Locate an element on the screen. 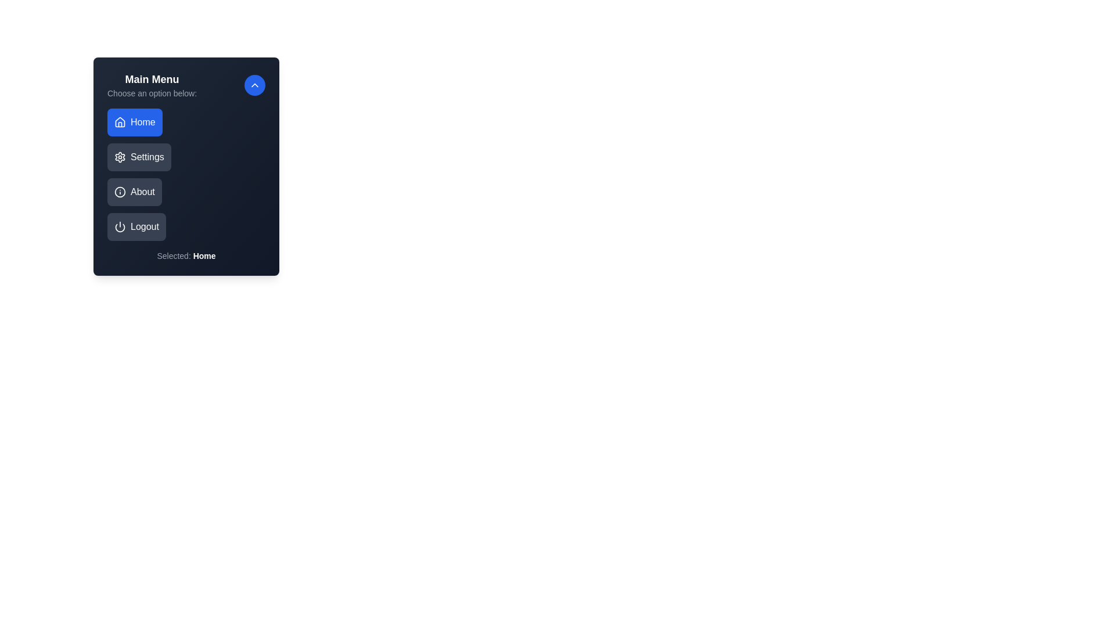 The image size is (1115, 627). the settings button, which is the second option in the vertical menu list is located at coordinates (139, 157).